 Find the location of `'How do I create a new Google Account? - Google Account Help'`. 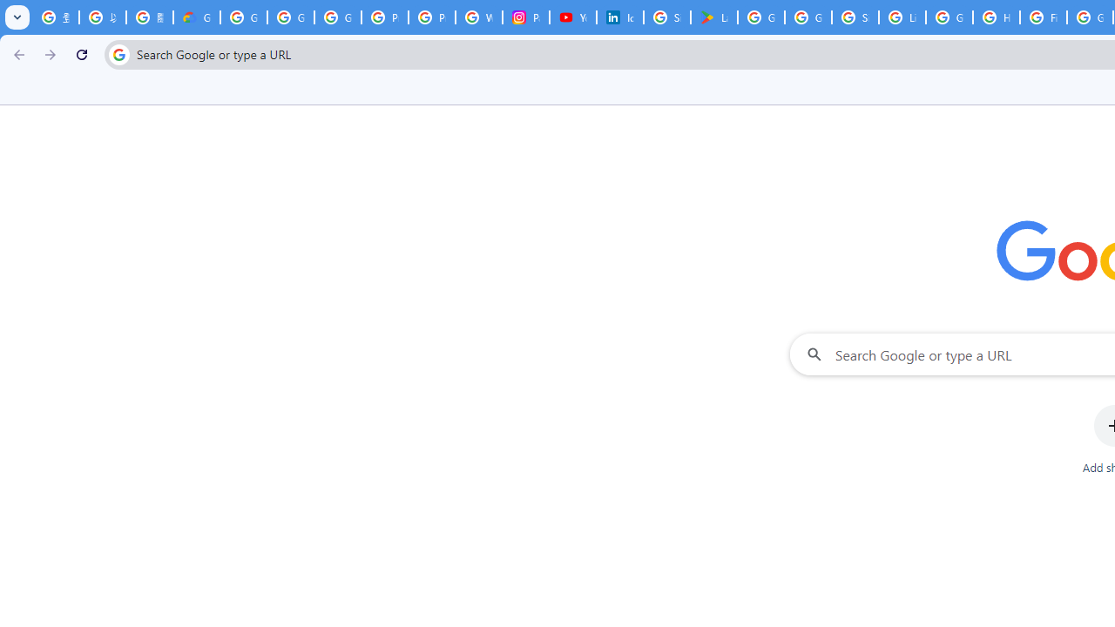

'How do I create a new Google Account? - Google Account Help' is located at coordinates (997, 17).